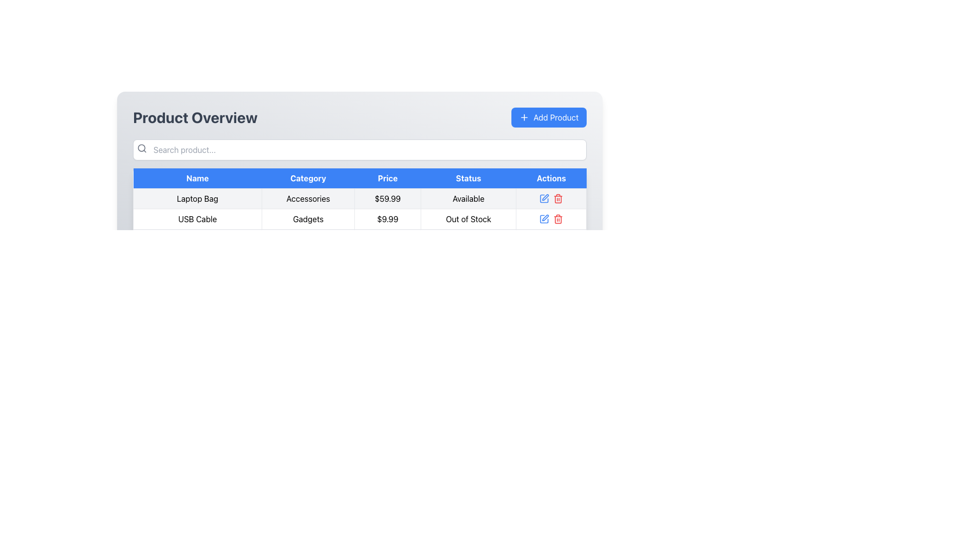  What do you see at coordinates (308, 198) in the screenshot?
I see `the Table Cell displaying 'Accessories' which is the second cell in the first row of the table under the 'Product Overview' section` at bounding box center [308, 198].